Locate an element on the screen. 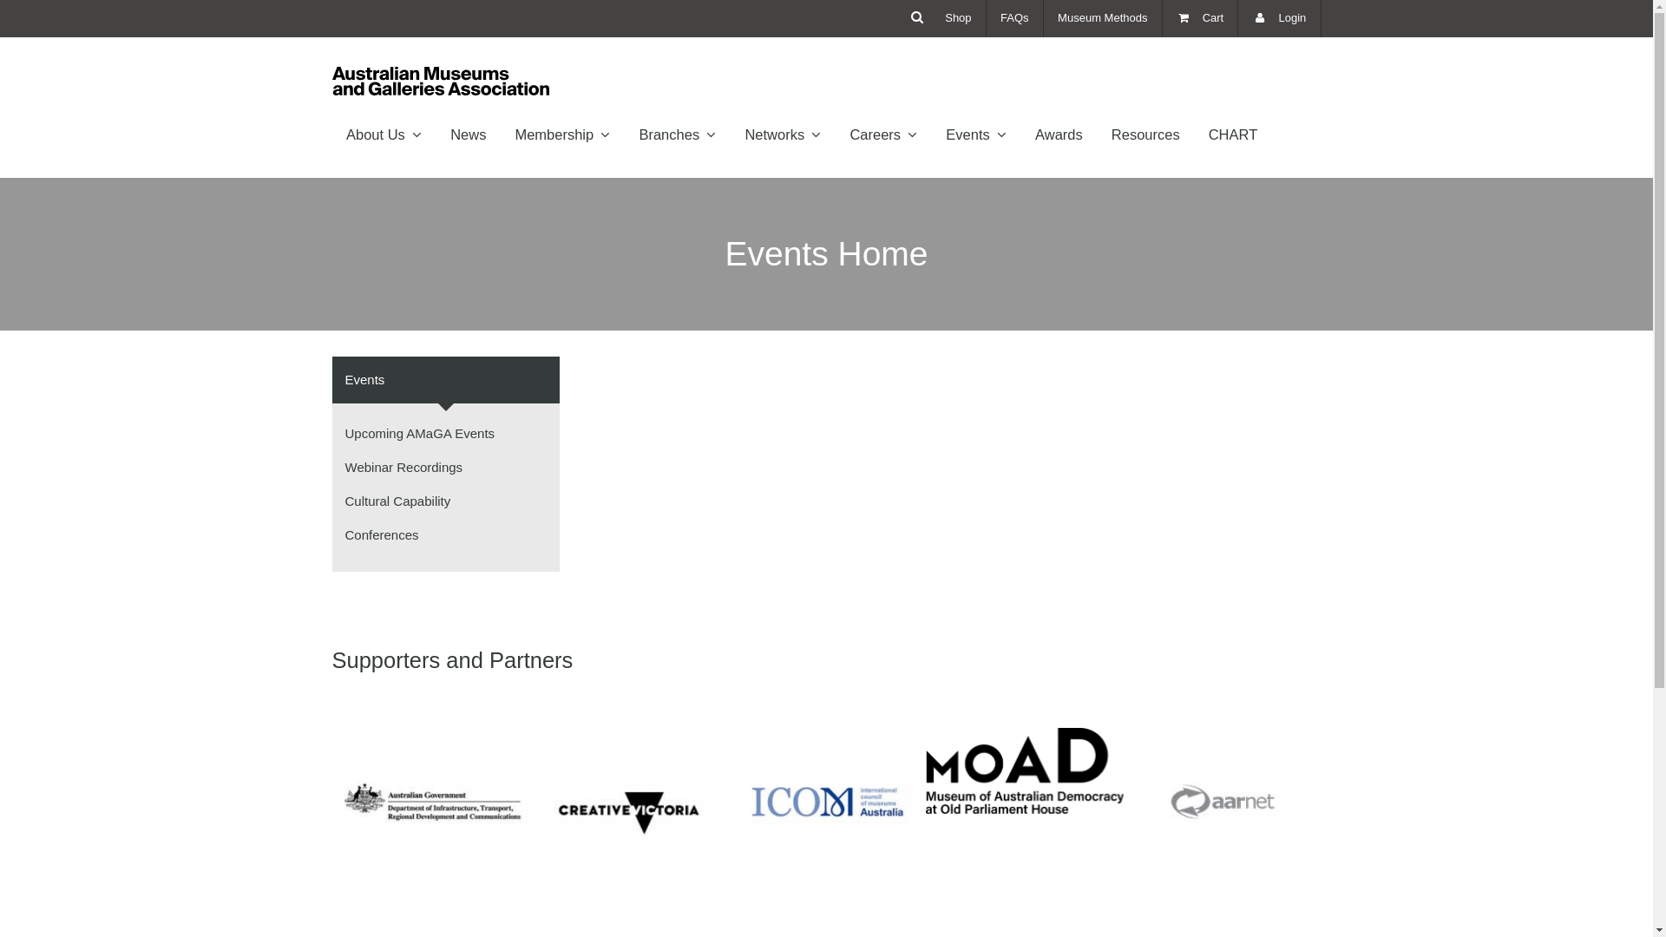 This screenshot has width=1666, height=937. 'Login' is located at coordinates (1279, 18).